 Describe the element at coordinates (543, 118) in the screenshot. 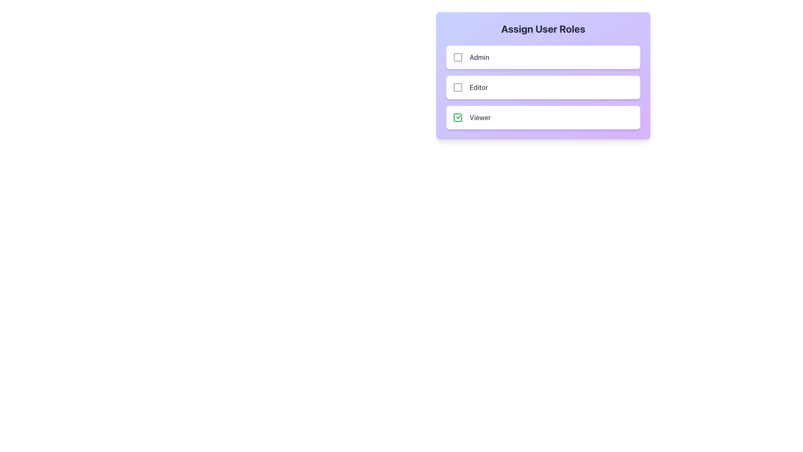

I see `the checkbox associated with the 'Viewer' role` at that location.